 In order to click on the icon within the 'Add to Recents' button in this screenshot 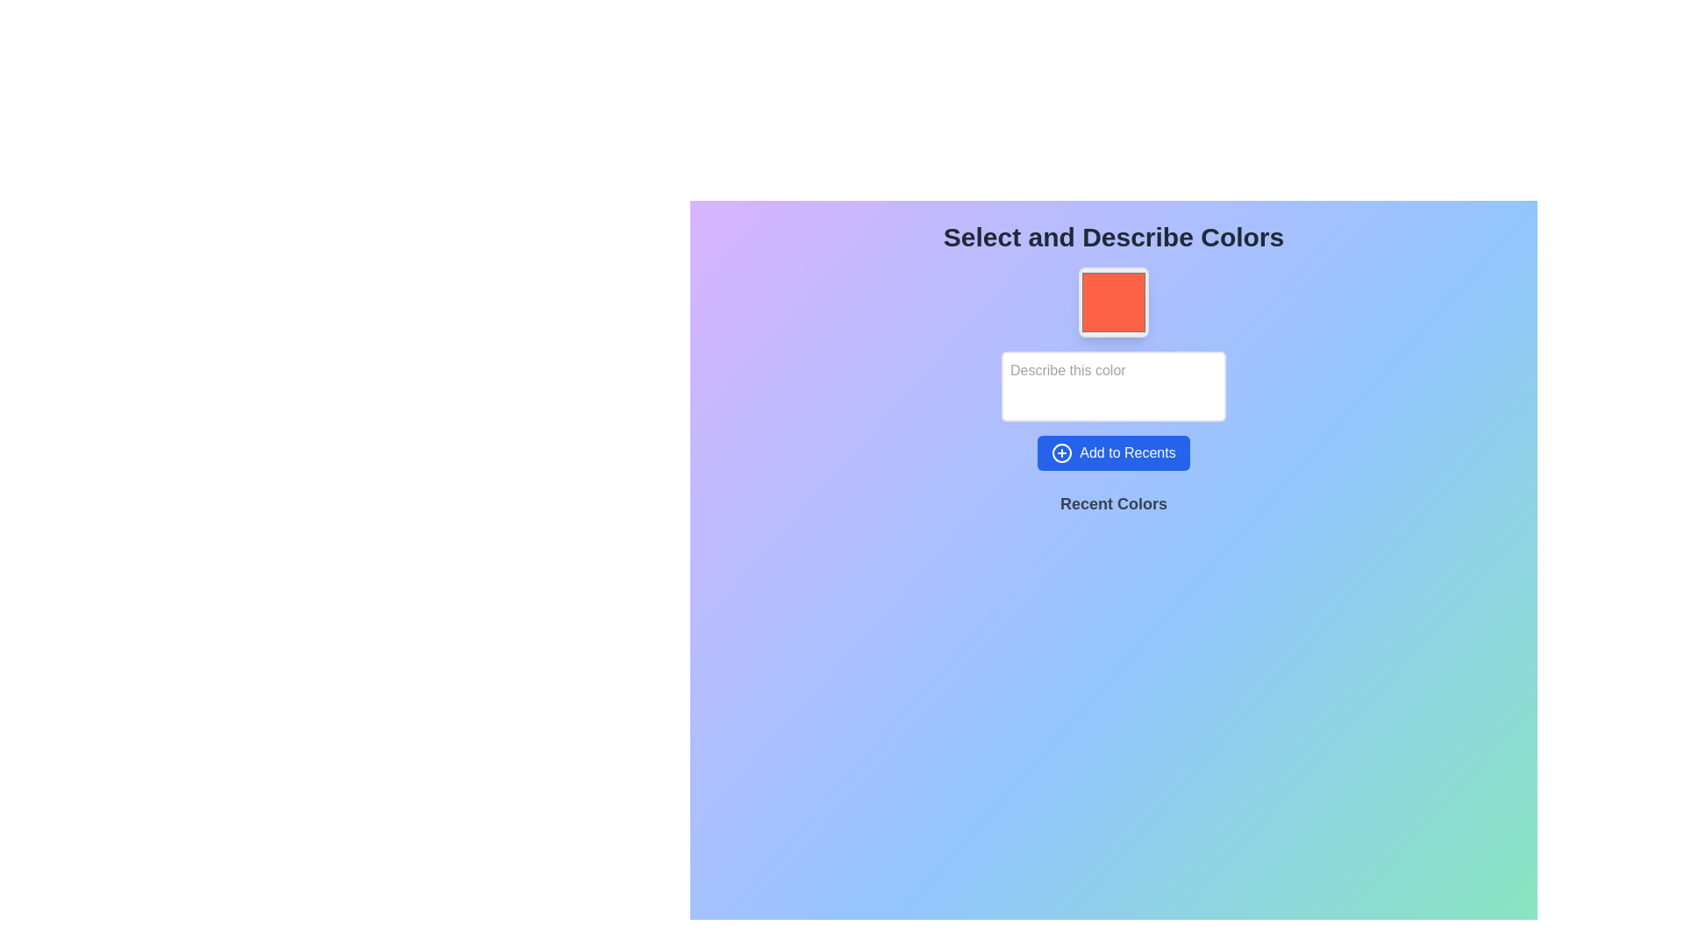, I will do `click(1061, 452)`.